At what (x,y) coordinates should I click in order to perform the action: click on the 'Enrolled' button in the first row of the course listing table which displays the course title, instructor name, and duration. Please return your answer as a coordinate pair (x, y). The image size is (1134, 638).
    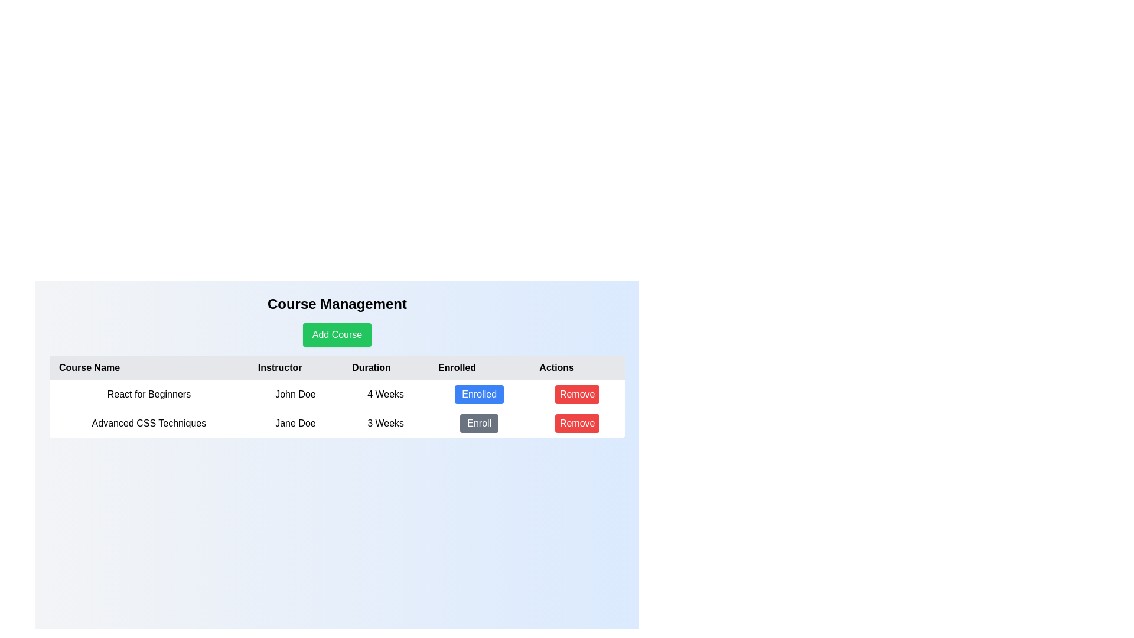
    Looking at the image, I should click on (337, 394).